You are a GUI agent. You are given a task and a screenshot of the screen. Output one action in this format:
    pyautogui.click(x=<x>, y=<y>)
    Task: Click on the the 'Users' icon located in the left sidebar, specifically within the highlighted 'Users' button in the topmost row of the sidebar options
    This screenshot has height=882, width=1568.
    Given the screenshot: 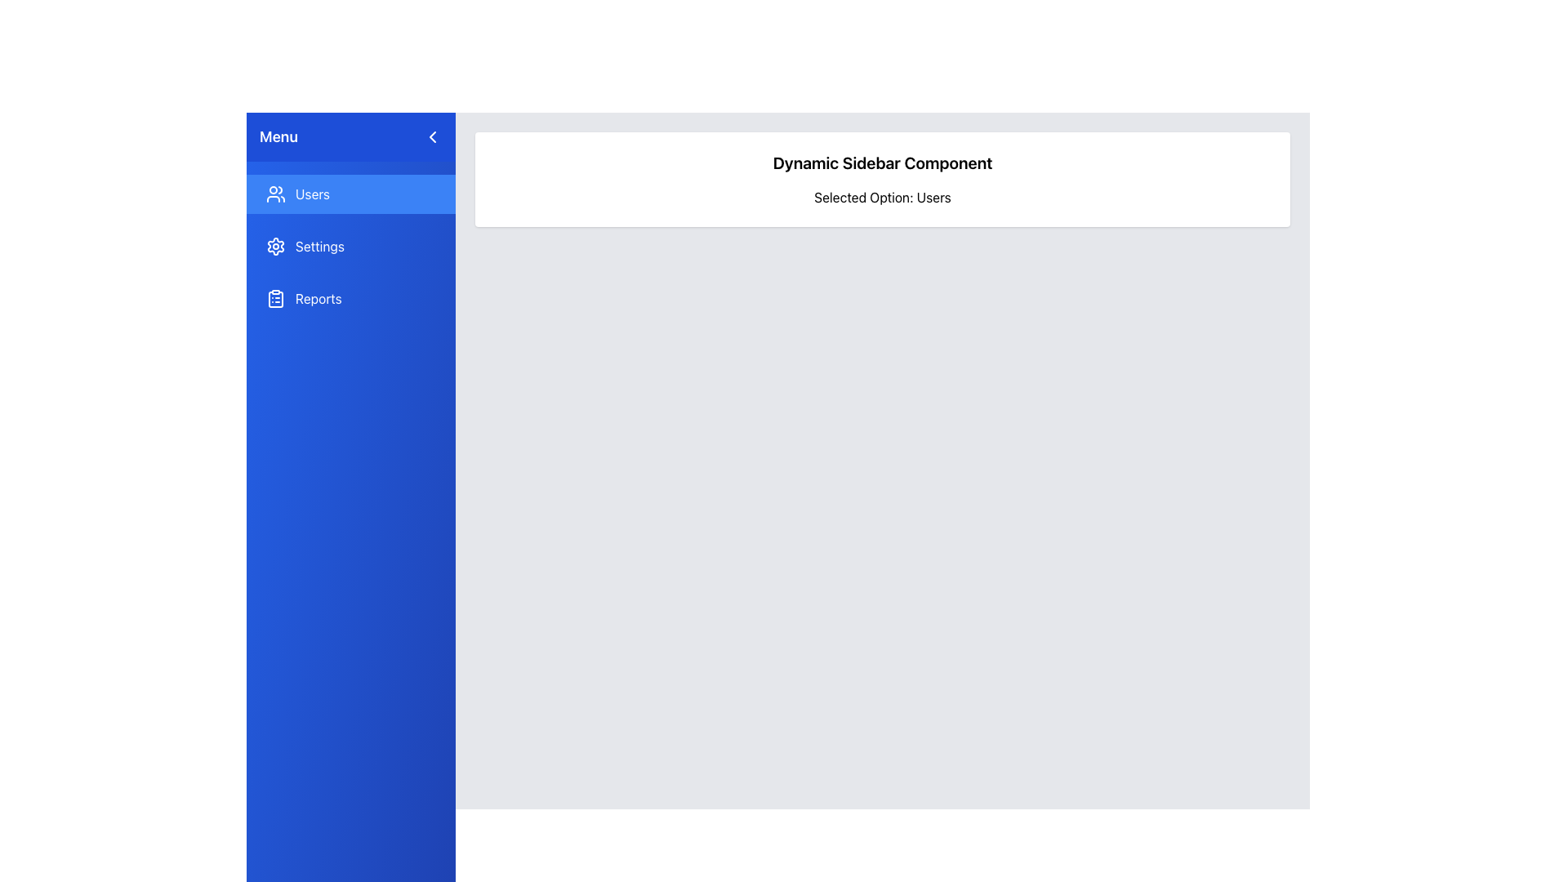 What is the action you would take?
    pyautogui.click(x=275, y=194)
    